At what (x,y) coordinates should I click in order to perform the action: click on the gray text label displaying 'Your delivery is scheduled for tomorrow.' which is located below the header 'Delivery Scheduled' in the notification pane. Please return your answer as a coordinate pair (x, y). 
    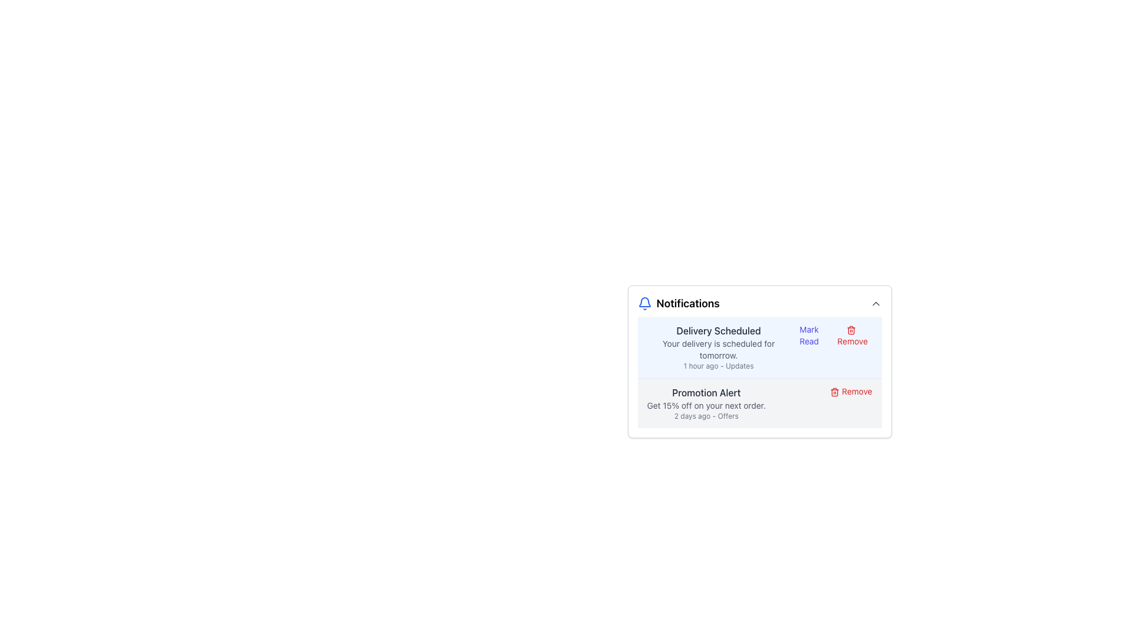
    Looking at the image, I should click on (718, 349).